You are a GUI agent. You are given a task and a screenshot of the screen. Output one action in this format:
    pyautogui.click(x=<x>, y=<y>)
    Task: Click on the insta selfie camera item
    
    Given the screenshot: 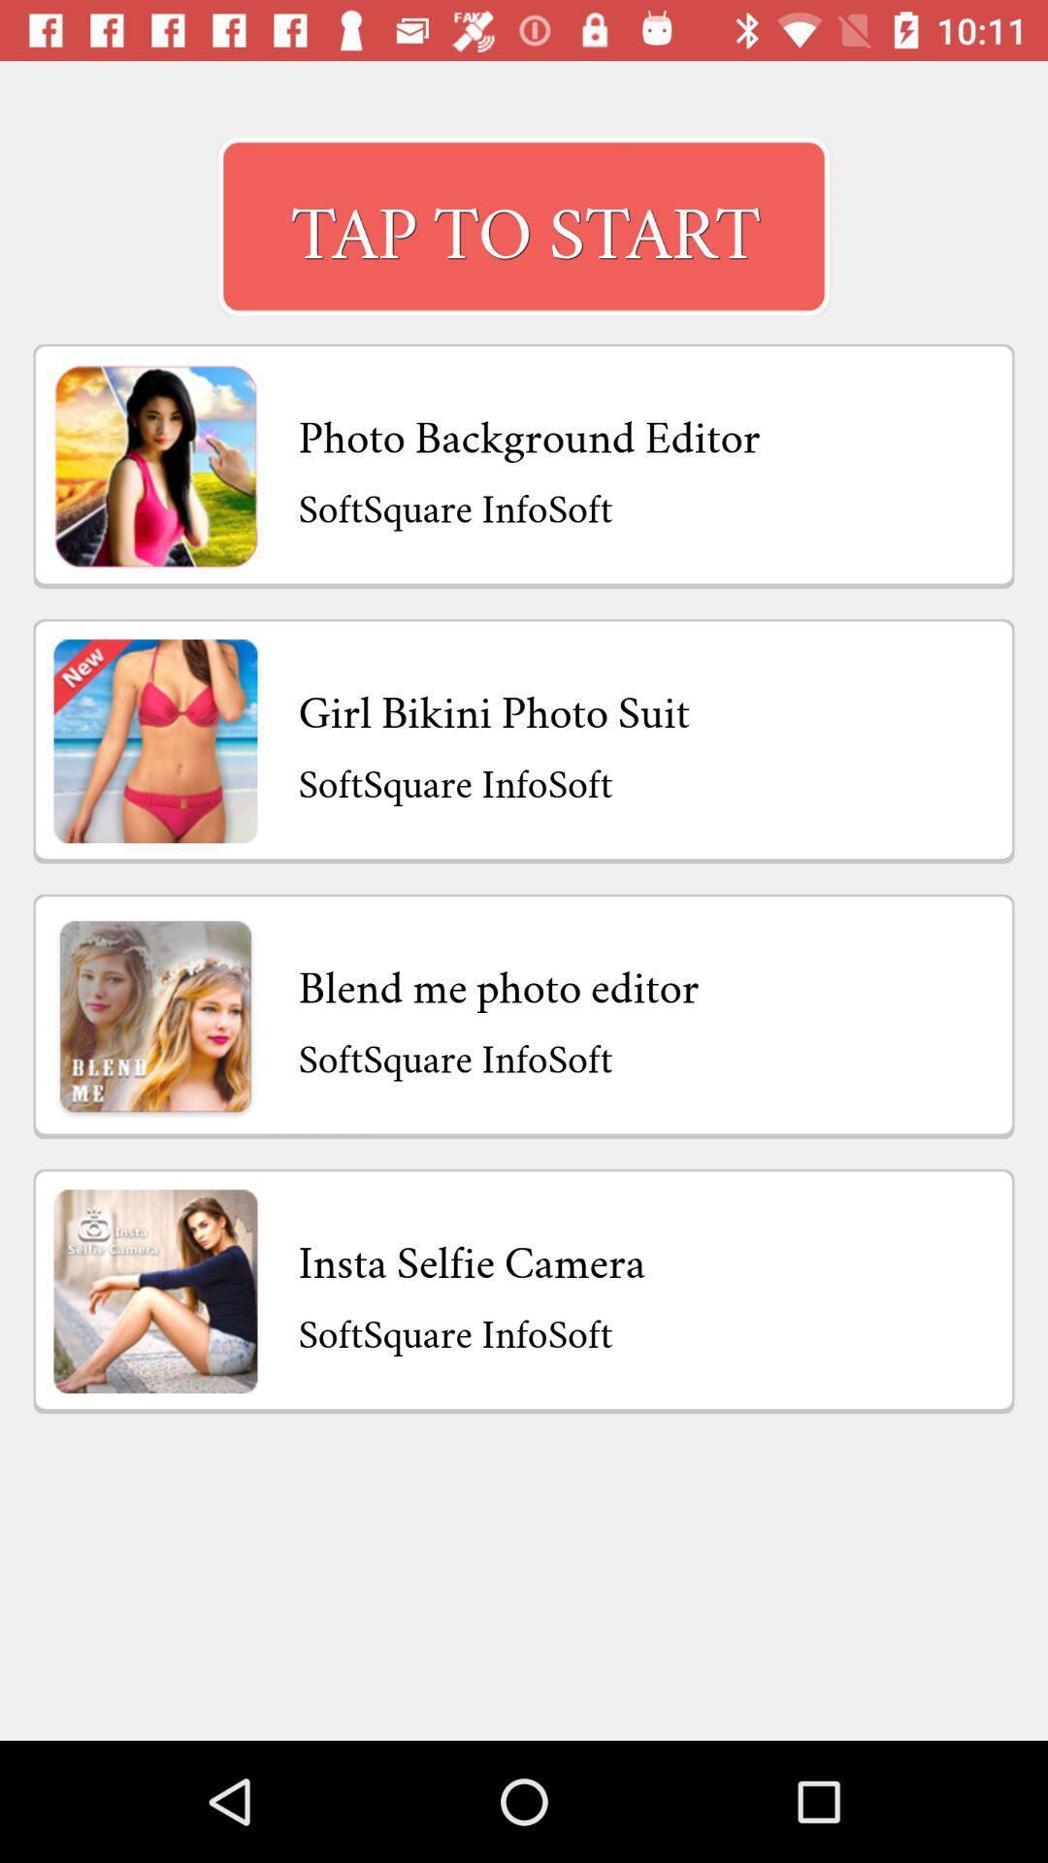 What is the action you would take?
    pyautogui.click(x=472, y=1258)
    